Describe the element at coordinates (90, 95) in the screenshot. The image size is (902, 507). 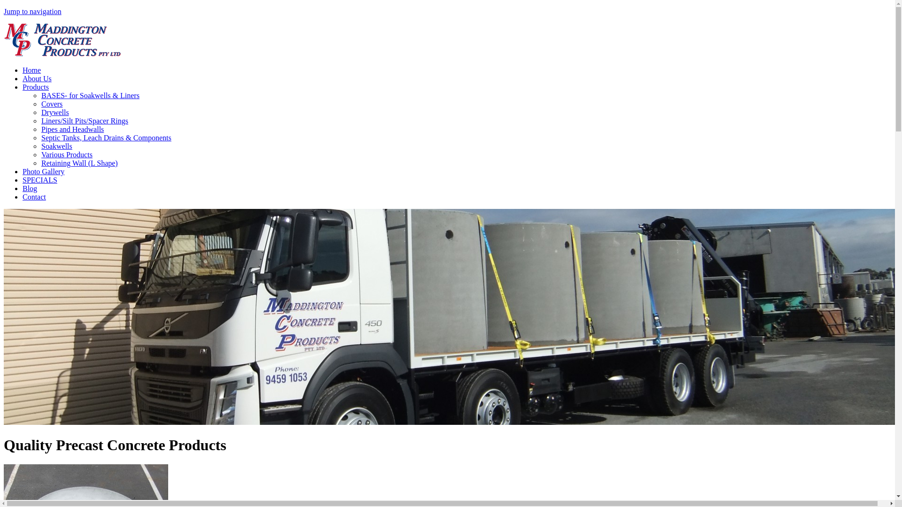
I see `'BASES- for Soakwells & Liners'` at that location.